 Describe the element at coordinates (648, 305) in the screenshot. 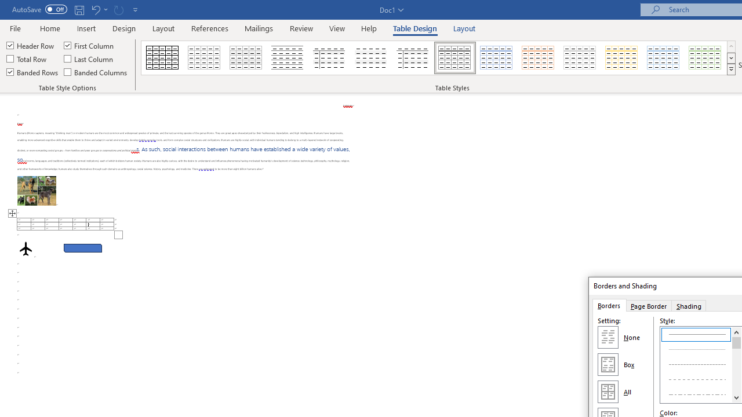

I see `'Page Border'` at that location.